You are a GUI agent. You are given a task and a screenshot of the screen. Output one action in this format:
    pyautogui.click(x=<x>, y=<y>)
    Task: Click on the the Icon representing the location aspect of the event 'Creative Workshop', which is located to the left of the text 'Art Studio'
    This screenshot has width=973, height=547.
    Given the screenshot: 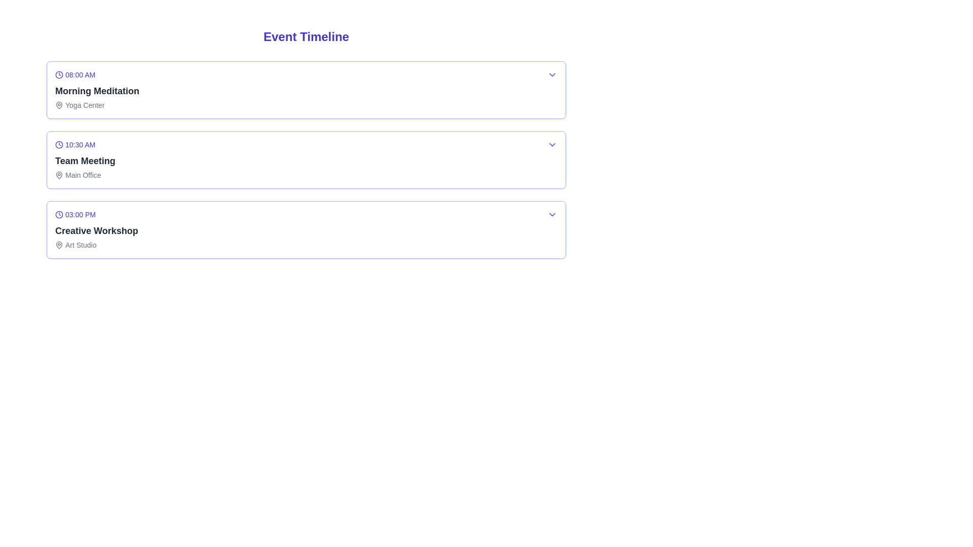 What is the action you would take?
    pyautogui.click(x=58, y=245)
    